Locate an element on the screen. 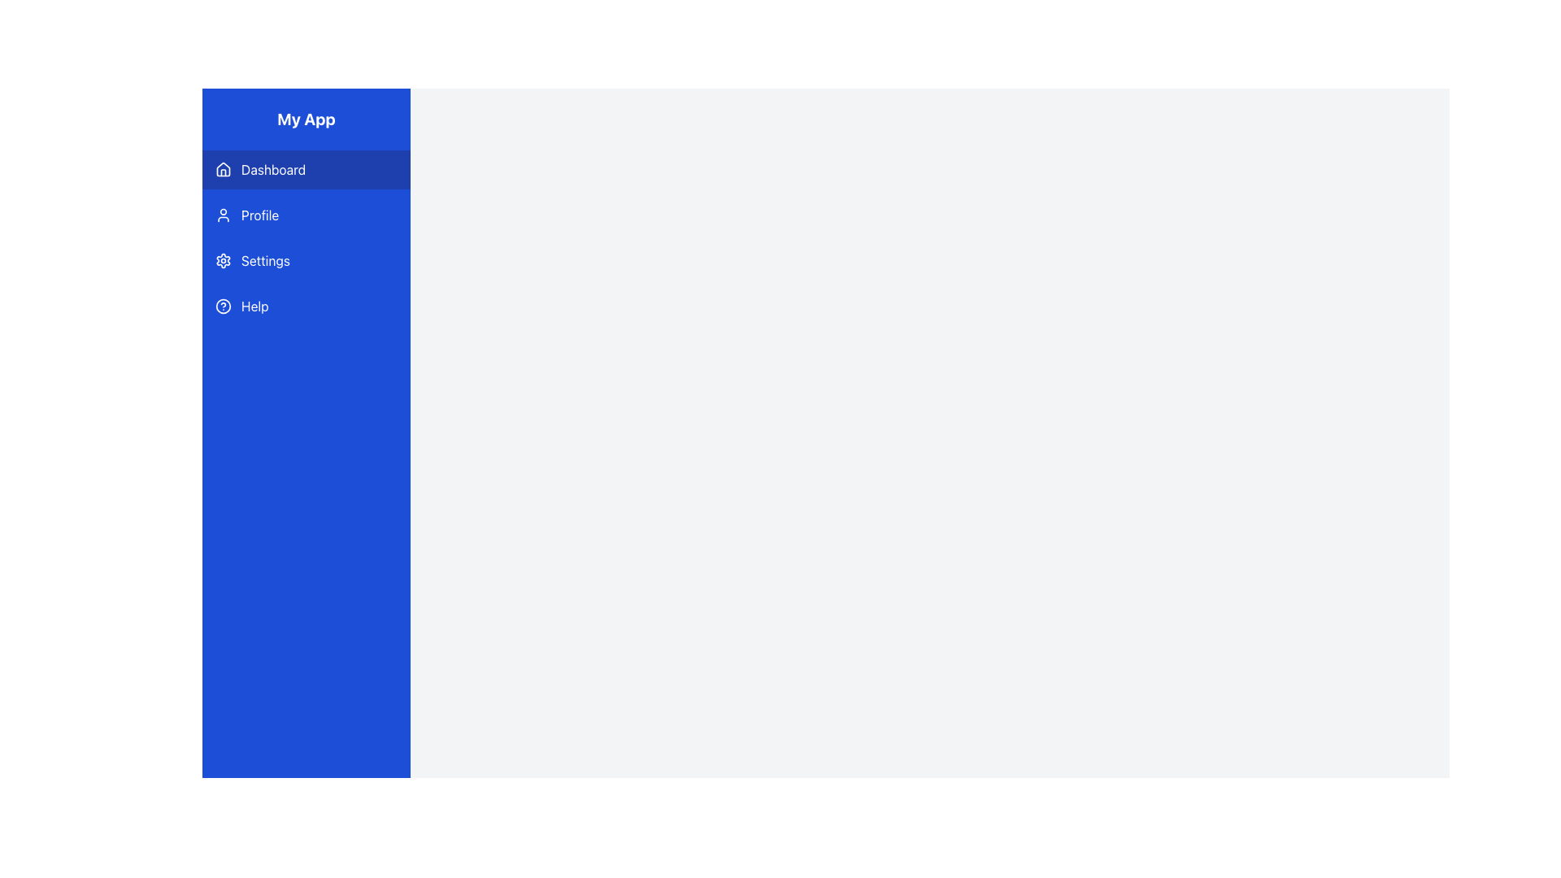 Image resolution: width=1561 pixels, height=878 pixels. the 'Settings' text label in the application menu is located at coordinates (265, 259).